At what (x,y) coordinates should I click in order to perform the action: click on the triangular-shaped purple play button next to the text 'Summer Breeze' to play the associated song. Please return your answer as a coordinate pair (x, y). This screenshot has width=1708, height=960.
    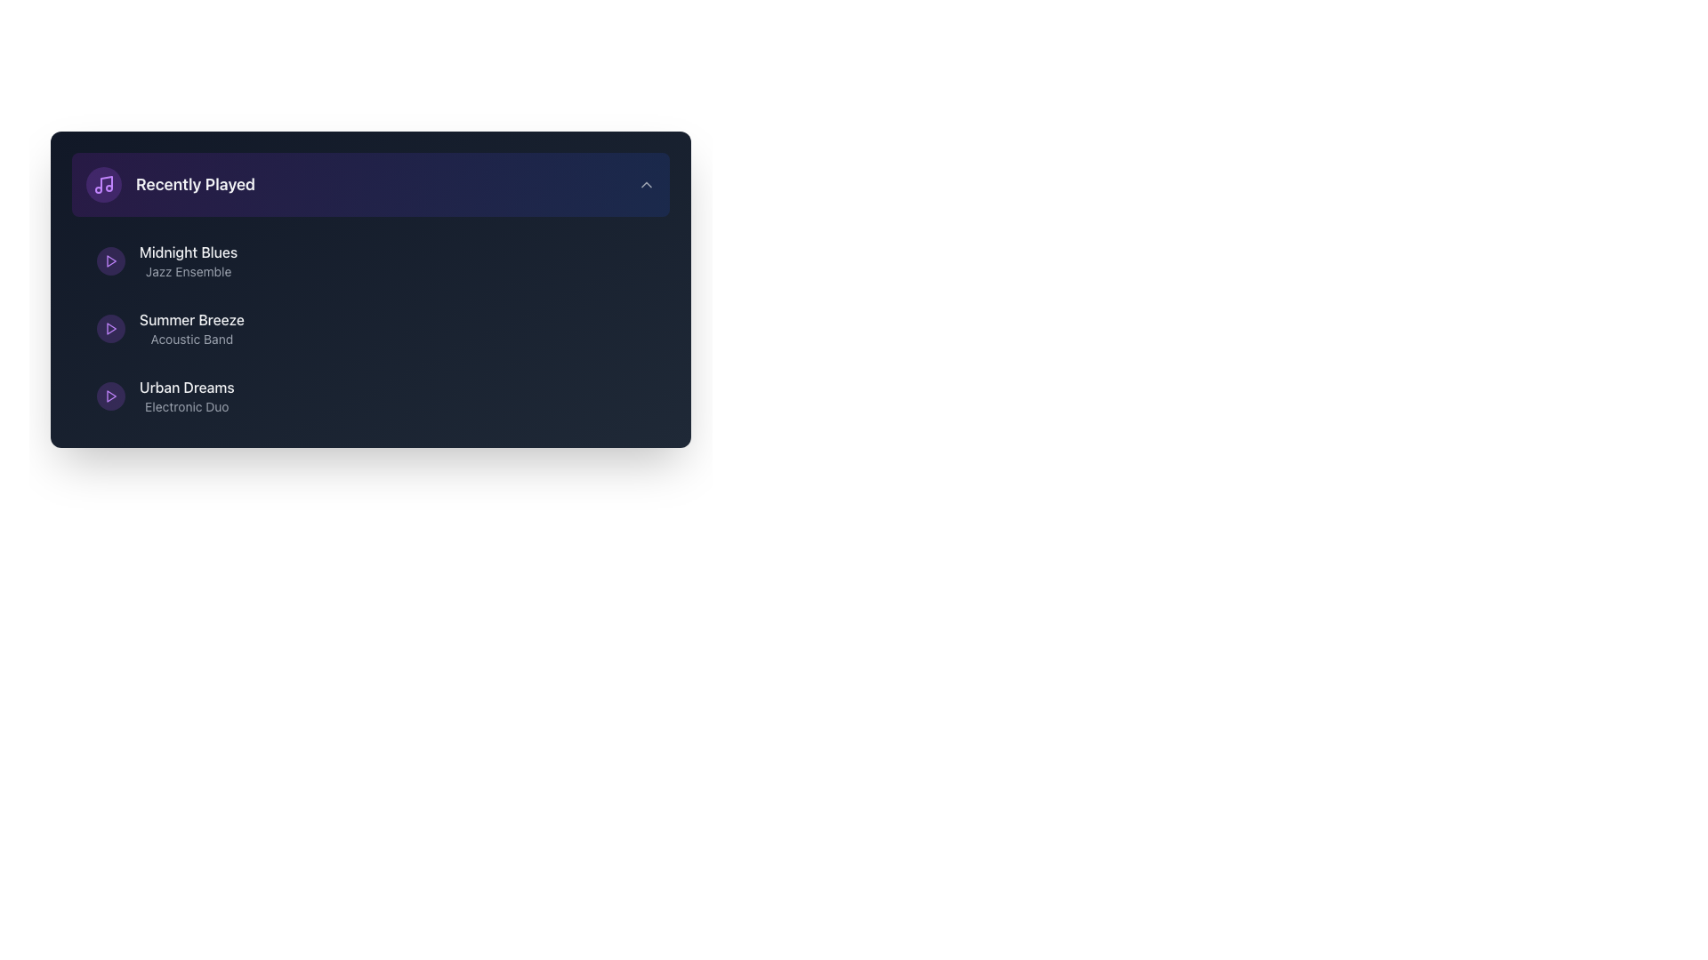
    Looking at the image, I should click on (110, 329).